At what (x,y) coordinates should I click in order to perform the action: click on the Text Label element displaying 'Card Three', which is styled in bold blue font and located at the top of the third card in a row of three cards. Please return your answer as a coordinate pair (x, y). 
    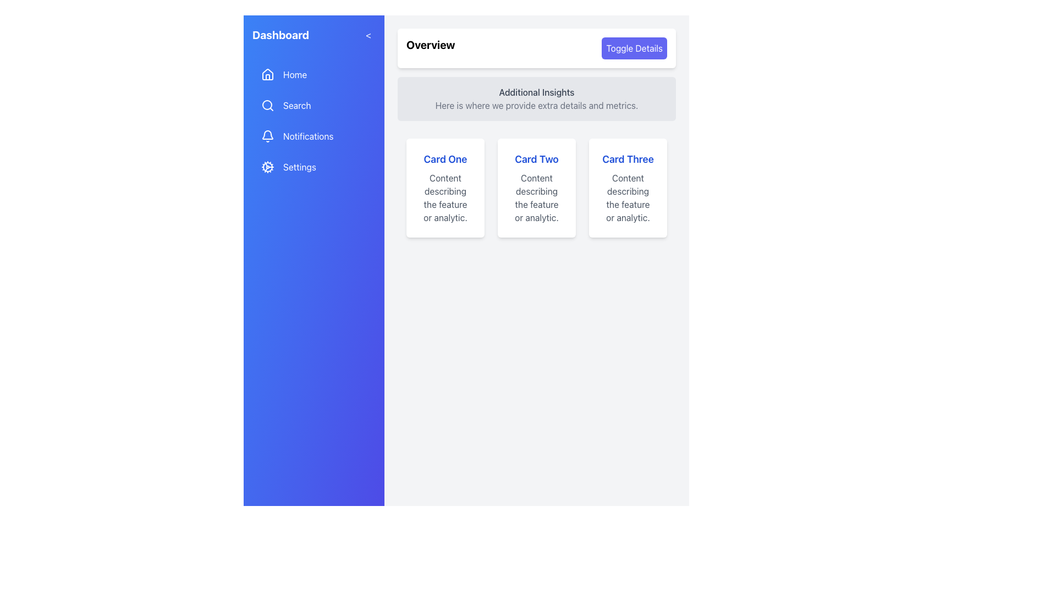
    Looking at the image, I should click on (628, 159).